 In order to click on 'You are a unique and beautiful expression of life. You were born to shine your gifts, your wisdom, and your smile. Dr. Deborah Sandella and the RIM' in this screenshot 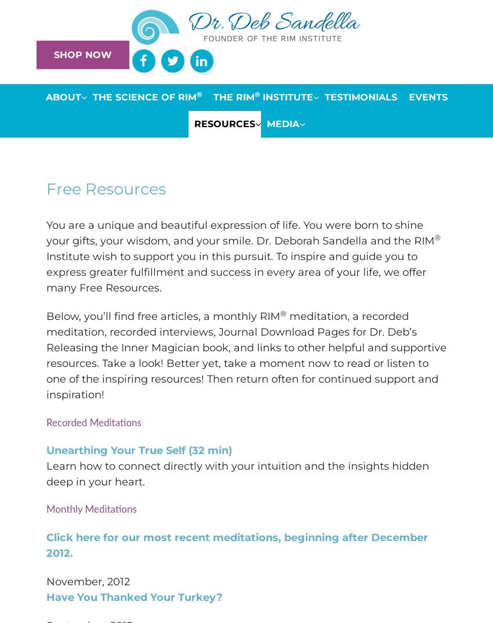, I will do `click(240, 232)`.